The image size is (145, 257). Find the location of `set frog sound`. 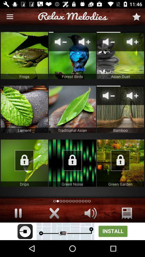

set frog sound is located at coordinates (24, 55).